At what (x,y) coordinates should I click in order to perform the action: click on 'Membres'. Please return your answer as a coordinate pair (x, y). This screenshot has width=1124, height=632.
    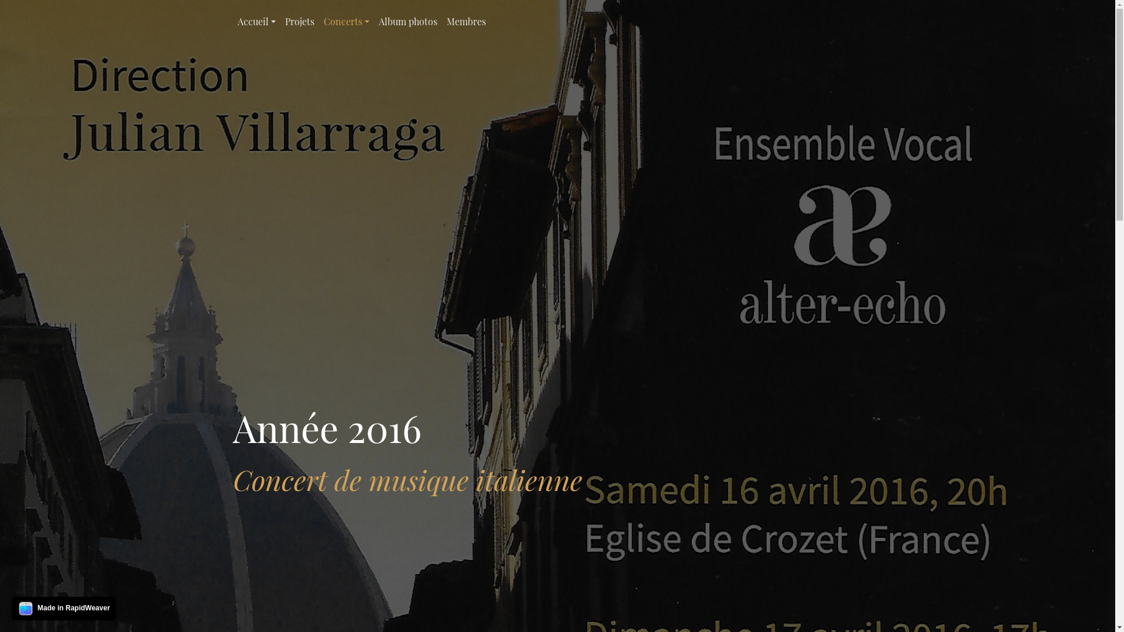
    Looking at the image, I should click on (441, 22).